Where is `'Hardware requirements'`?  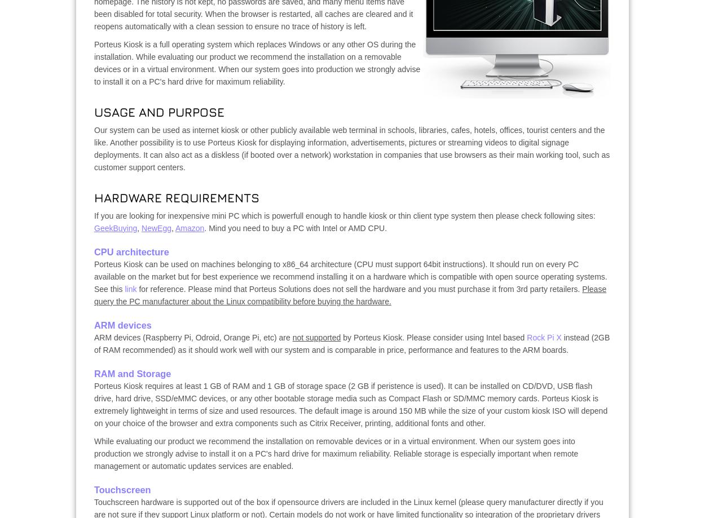
'Hardware requirements' is located at coordinates (176, 197).